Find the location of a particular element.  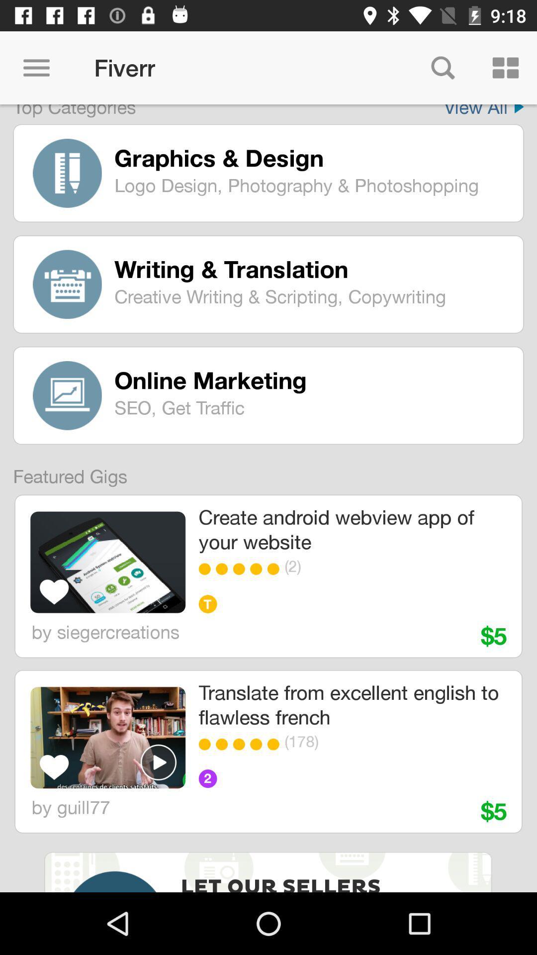

this video is located at coordinates (158, 762).